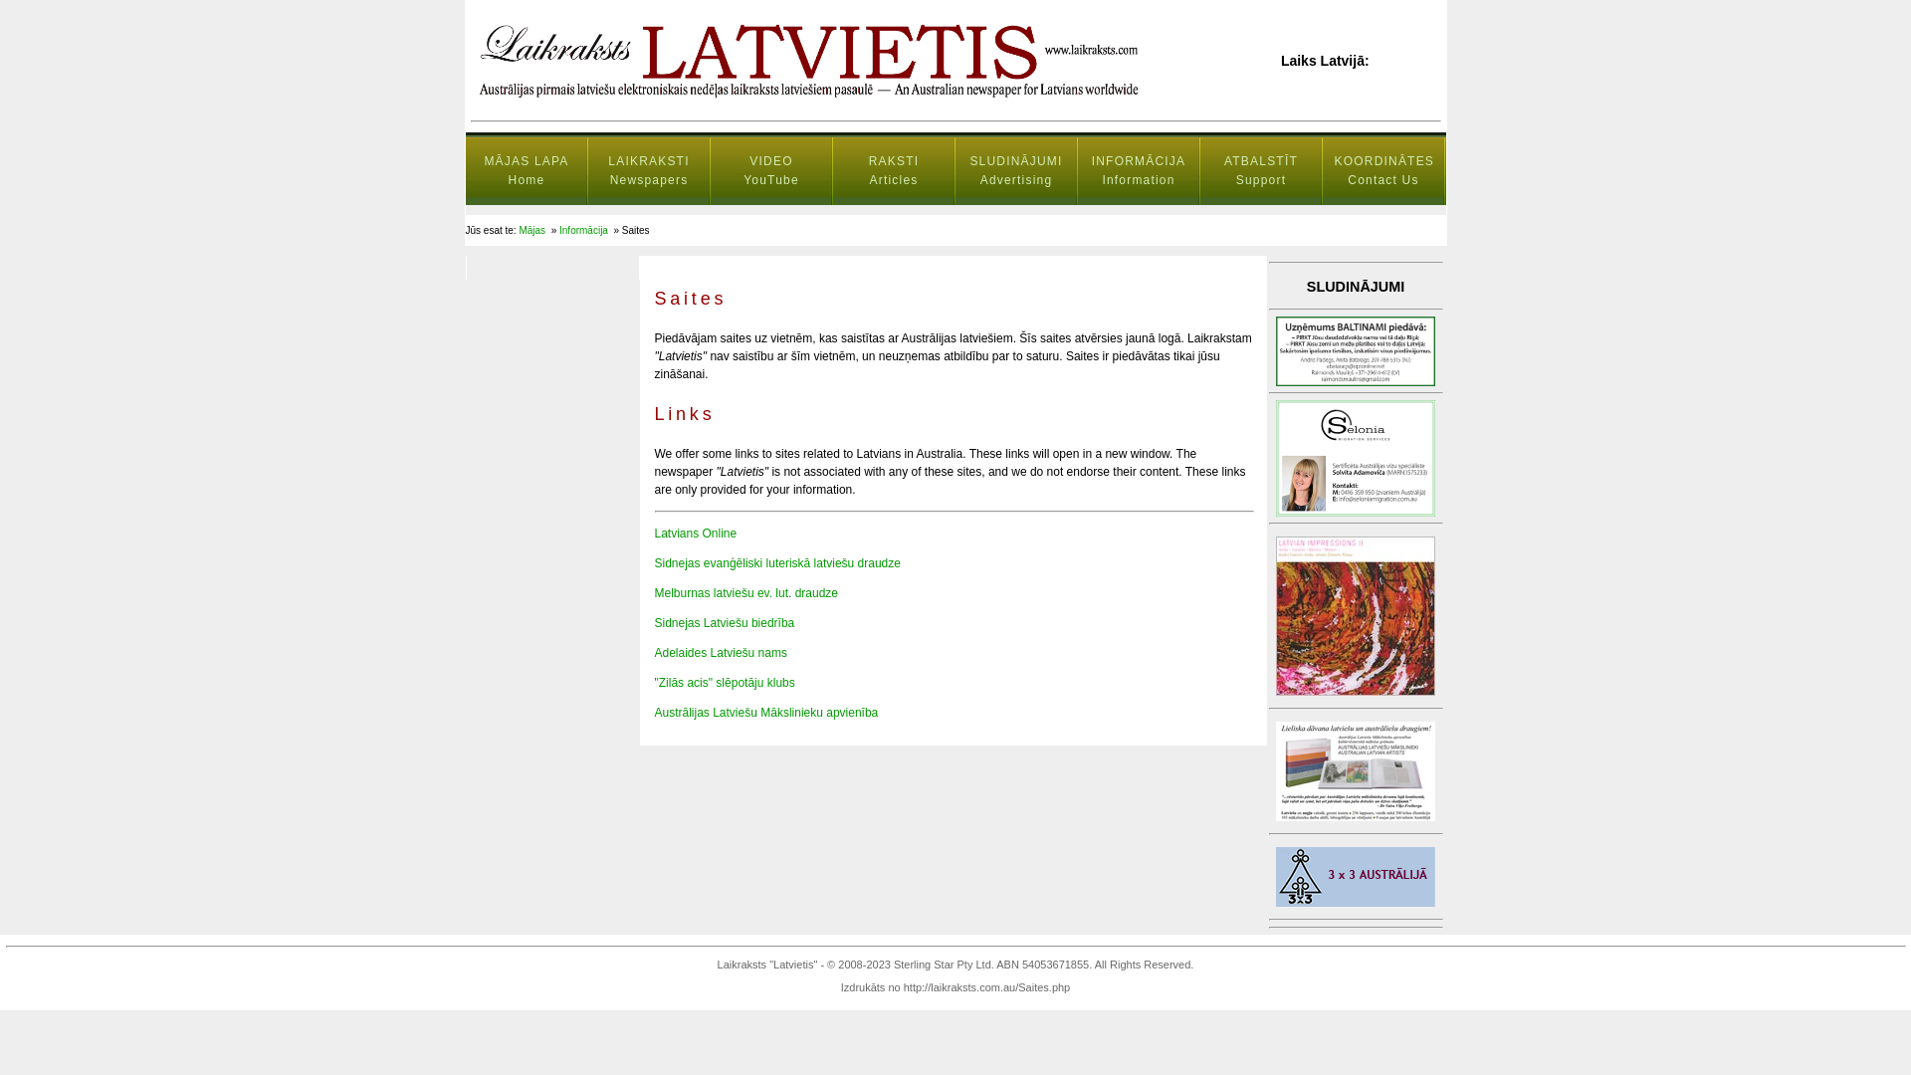 This screenshot has width=1911, height=1075. What do you see at coordinates (696, 533) in the screenshot?
I see `'Latvians Online'` at bounding box center [696, 533].